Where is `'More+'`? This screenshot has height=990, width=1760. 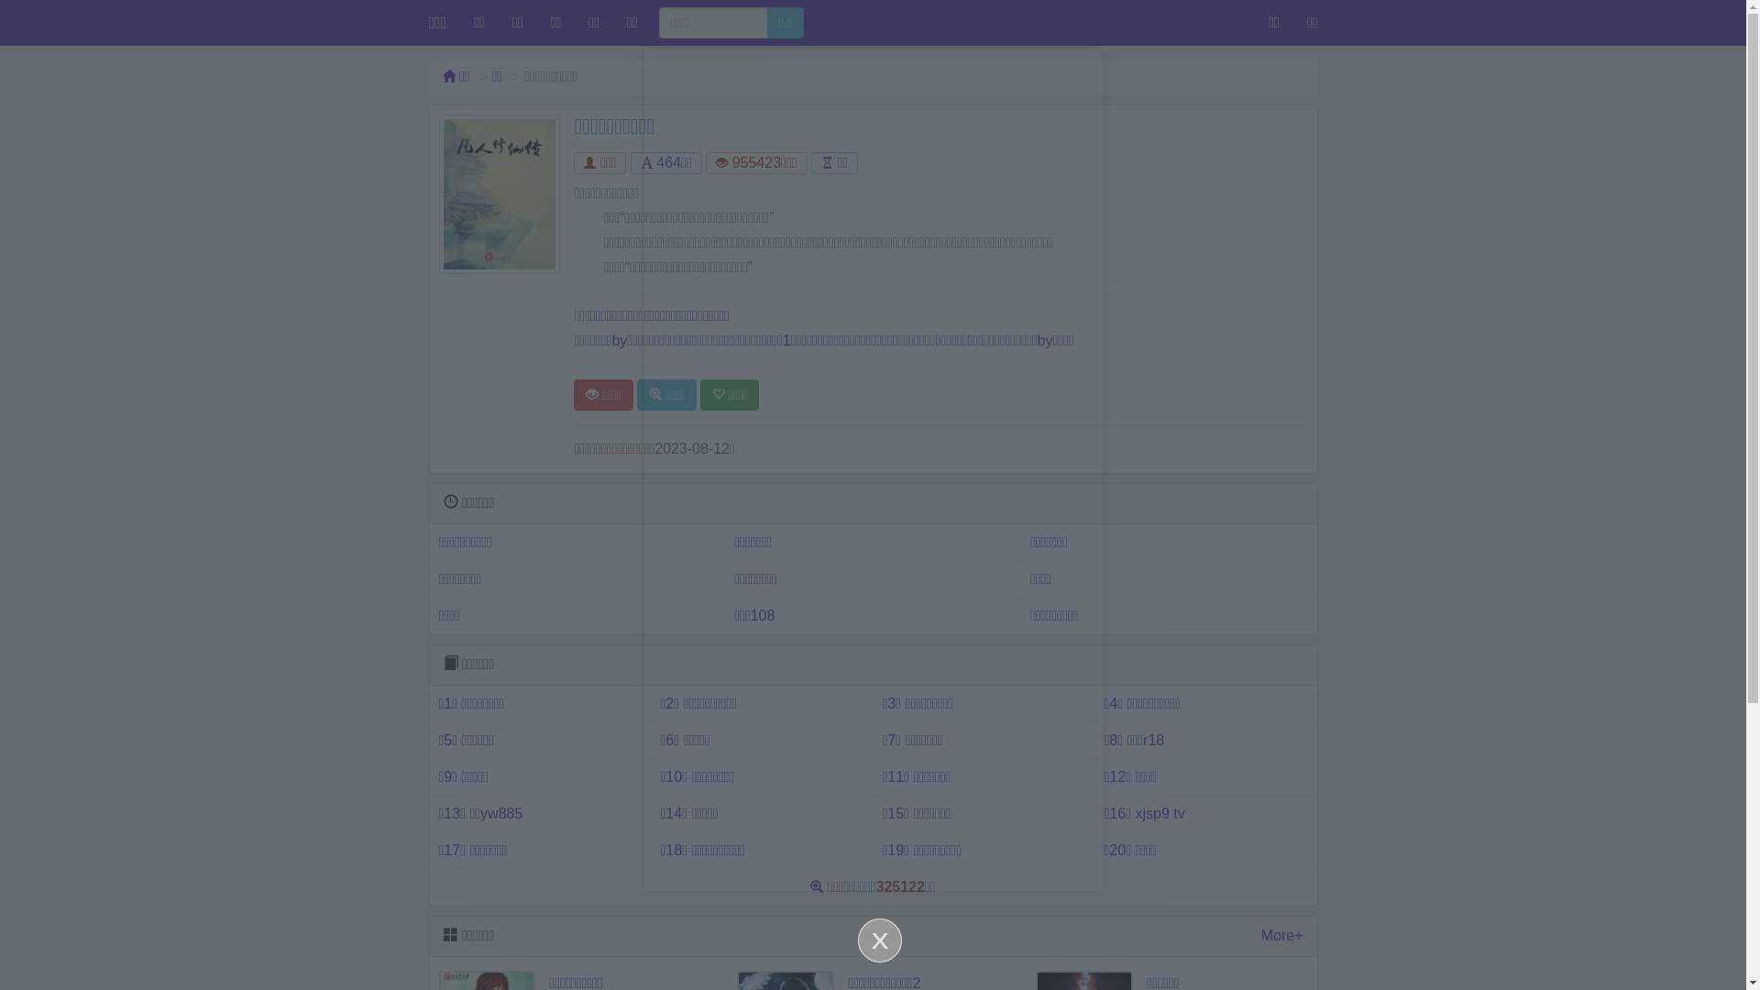
'More+' is located at coordinates (1260, 936).